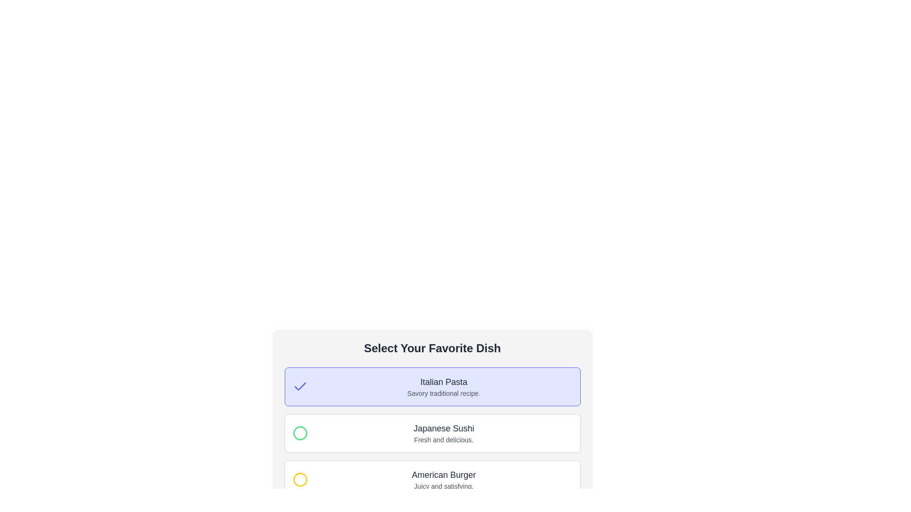 The height and width of the screenshot is (512, 911). What do you see at coordinates (443, 382) in the screenshot?
I see `text label that identifies the dish 'Italian Pasta' in the food selection interface, positioned above the descriptive text 'Savory traditional recipe.'` at bounding box center [443, 382].